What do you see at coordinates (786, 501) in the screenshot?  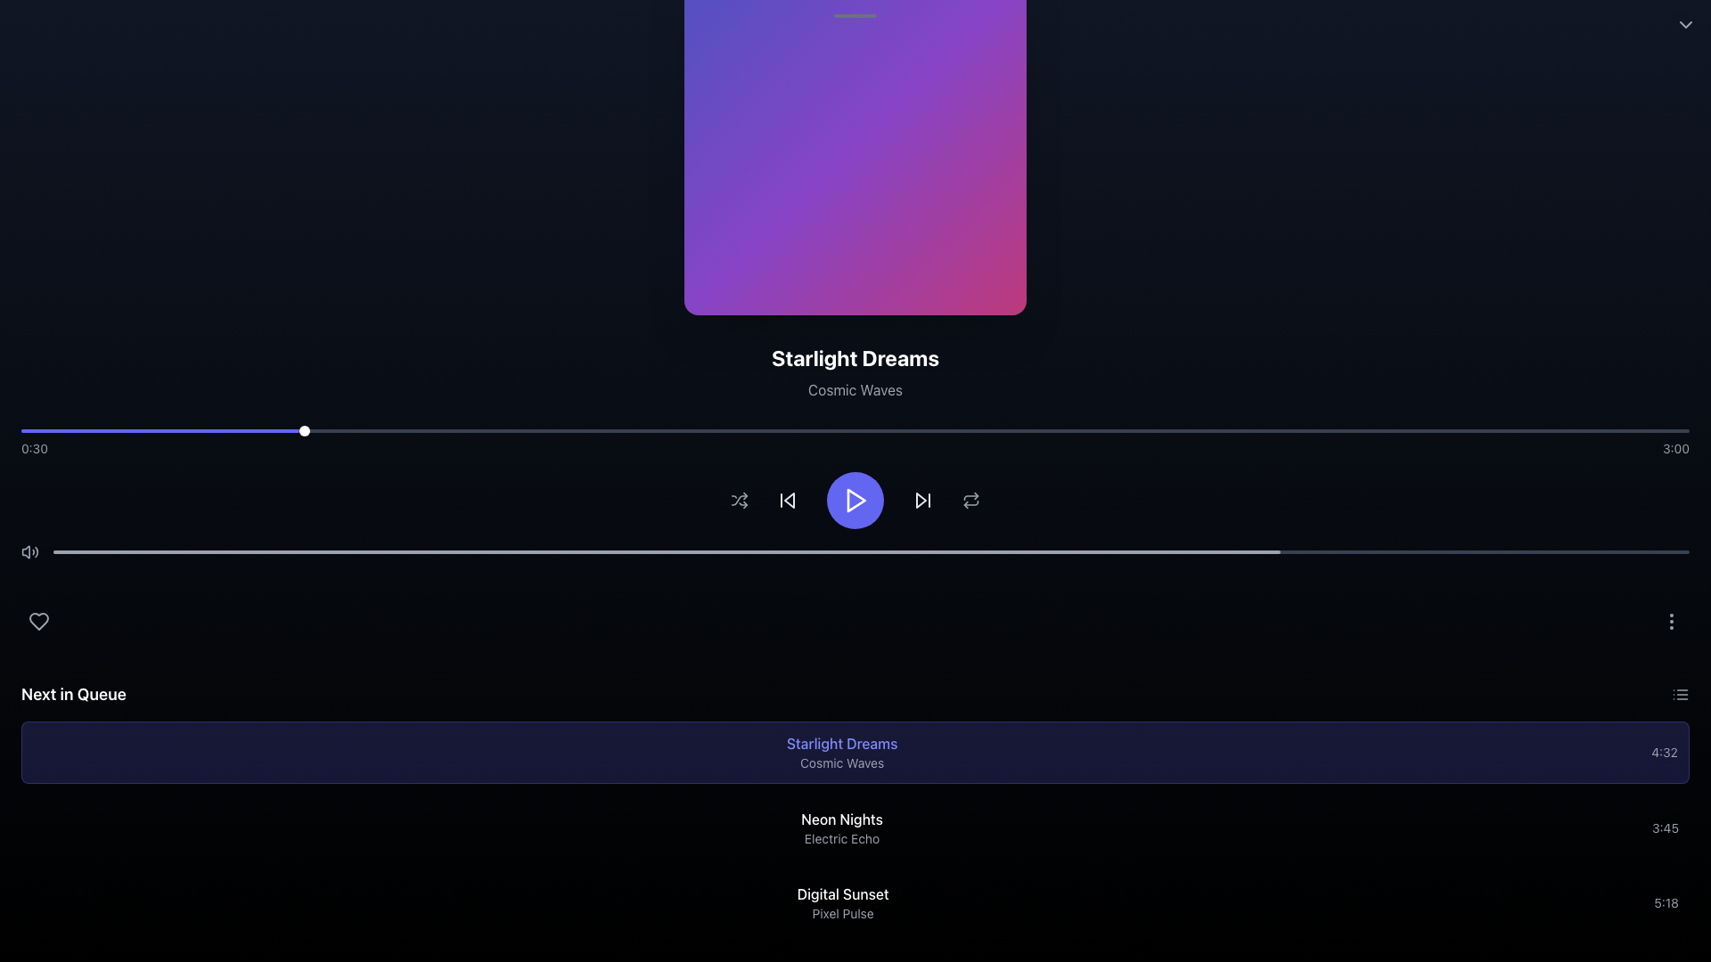 I see `the backward-skip icon button, which is a triangular shape pointing left and located to the left of the central play button in the media control panel, to observe any visual state changes` at bounding box center [786, 501].